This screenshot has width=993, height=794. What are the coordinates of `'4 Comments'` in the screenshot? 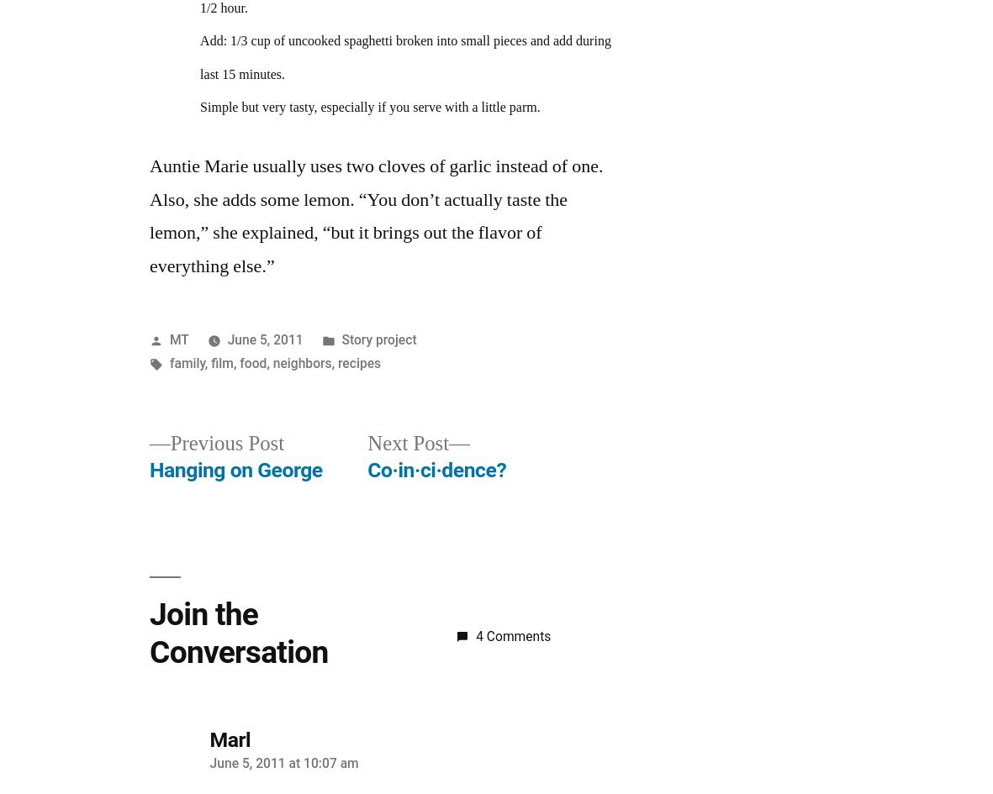 It's located at (475, 635).